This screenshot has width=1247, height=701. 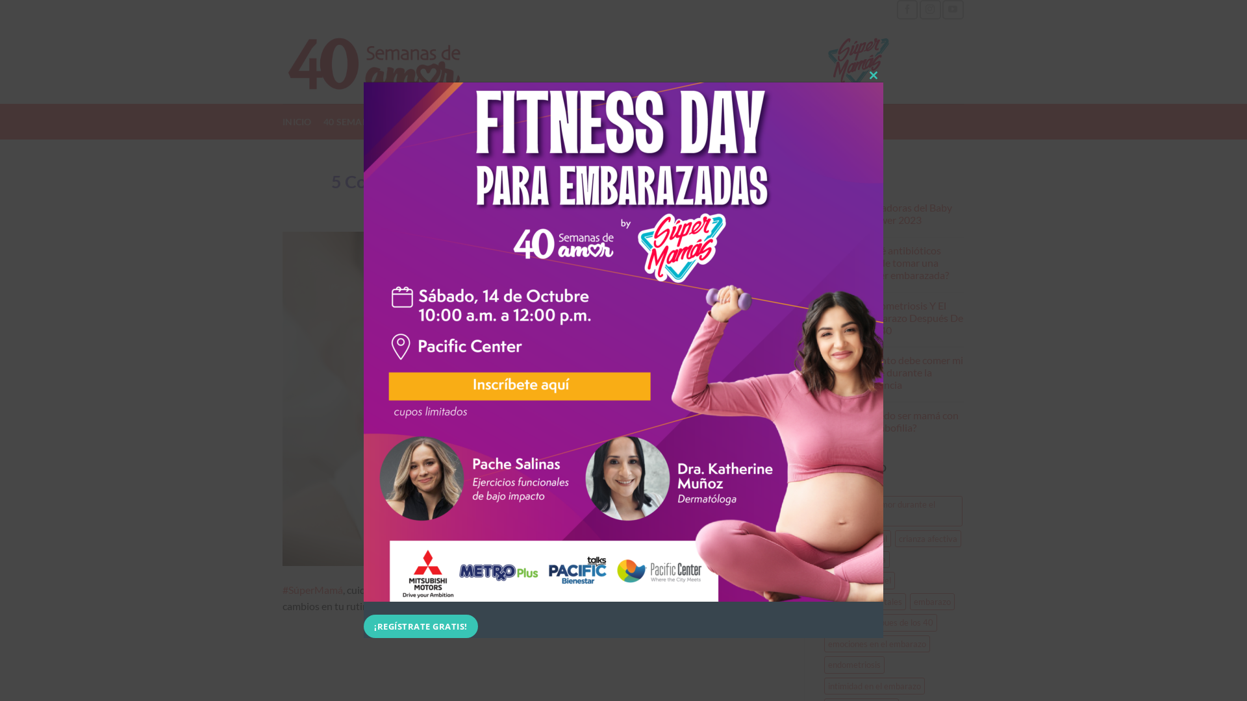 What do you see at coordinates (876, 643) in the screenshot?
I see `'emociones en el embarazo'` at bounding box center [876, 643].